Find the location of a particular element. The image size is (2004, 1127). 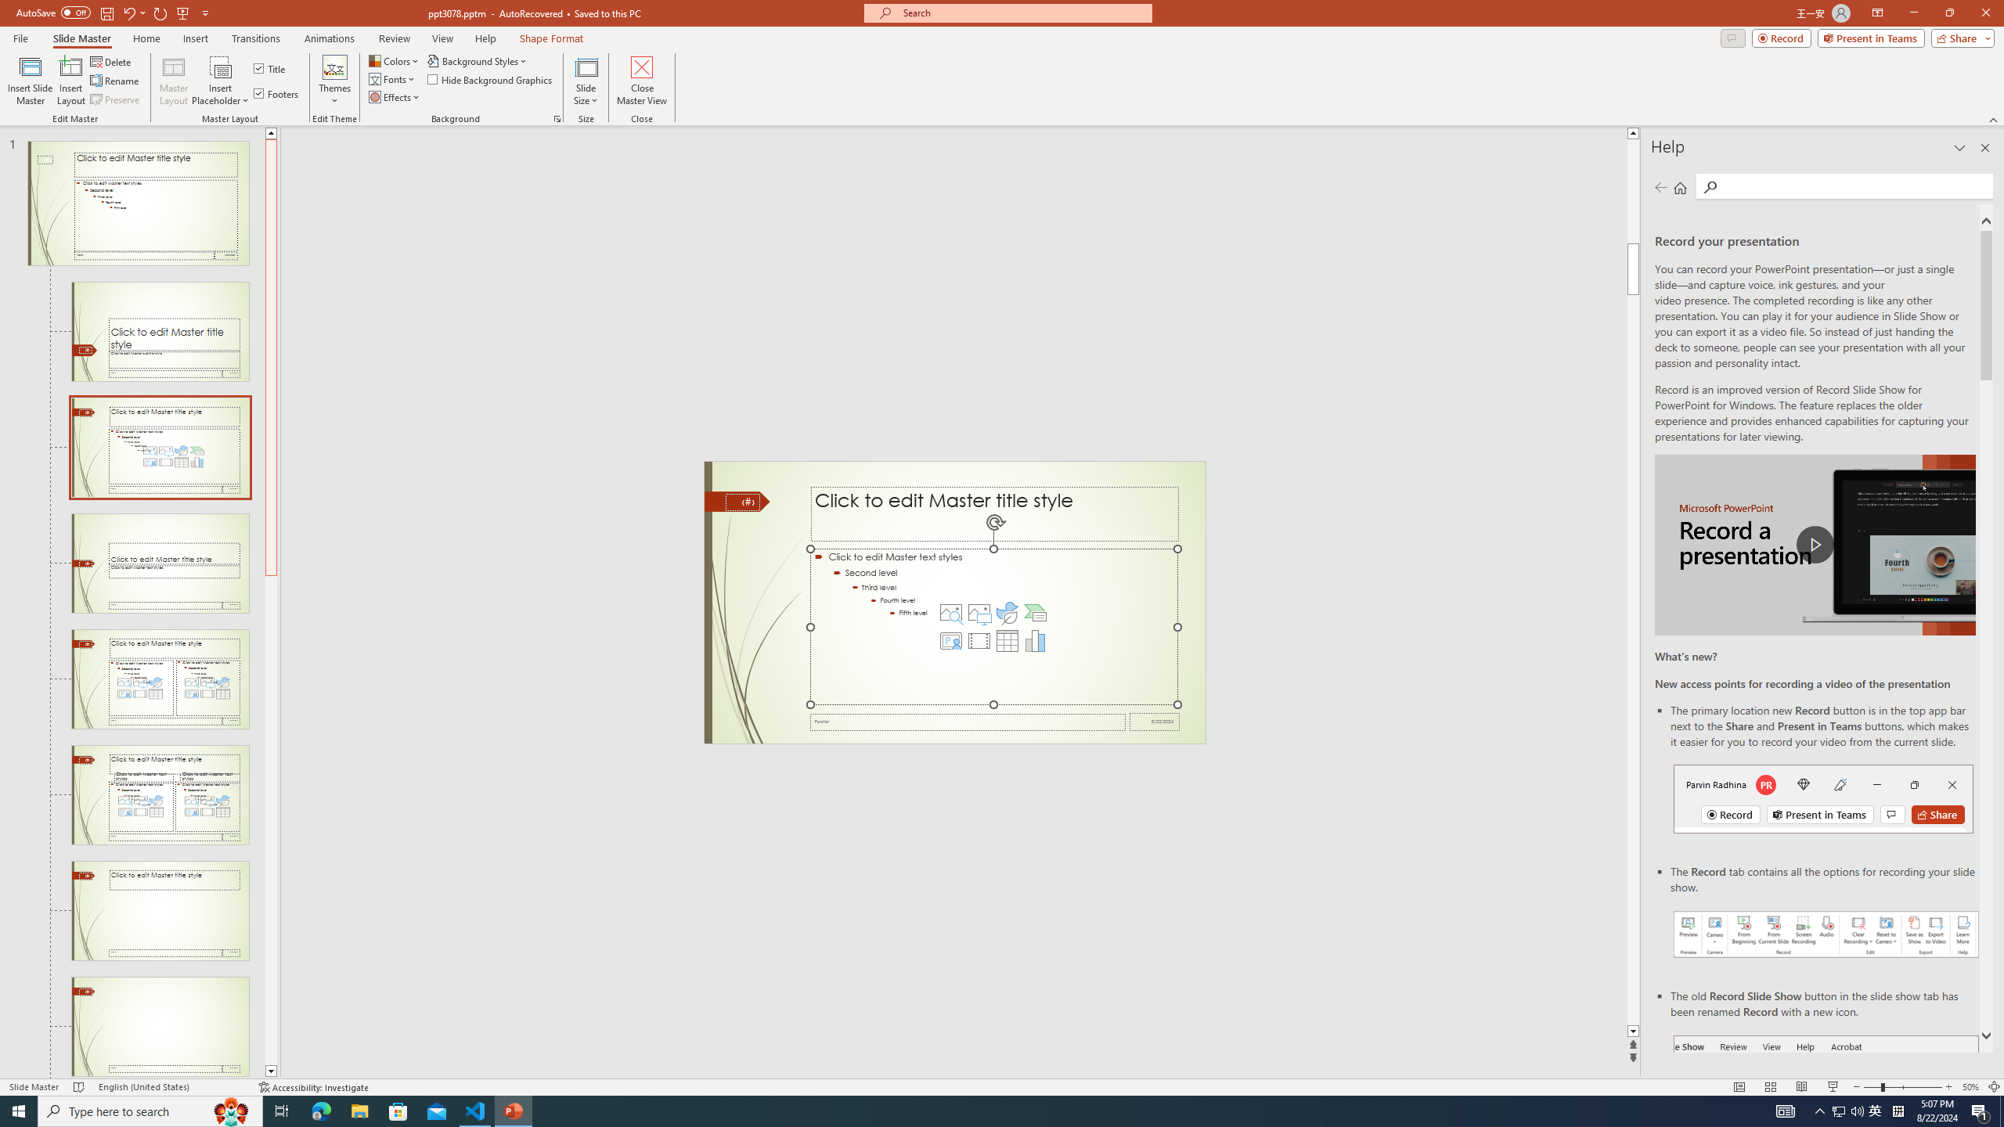

'Slide Blank Layout: used by no slides' is located at coordinates (159, 1025).